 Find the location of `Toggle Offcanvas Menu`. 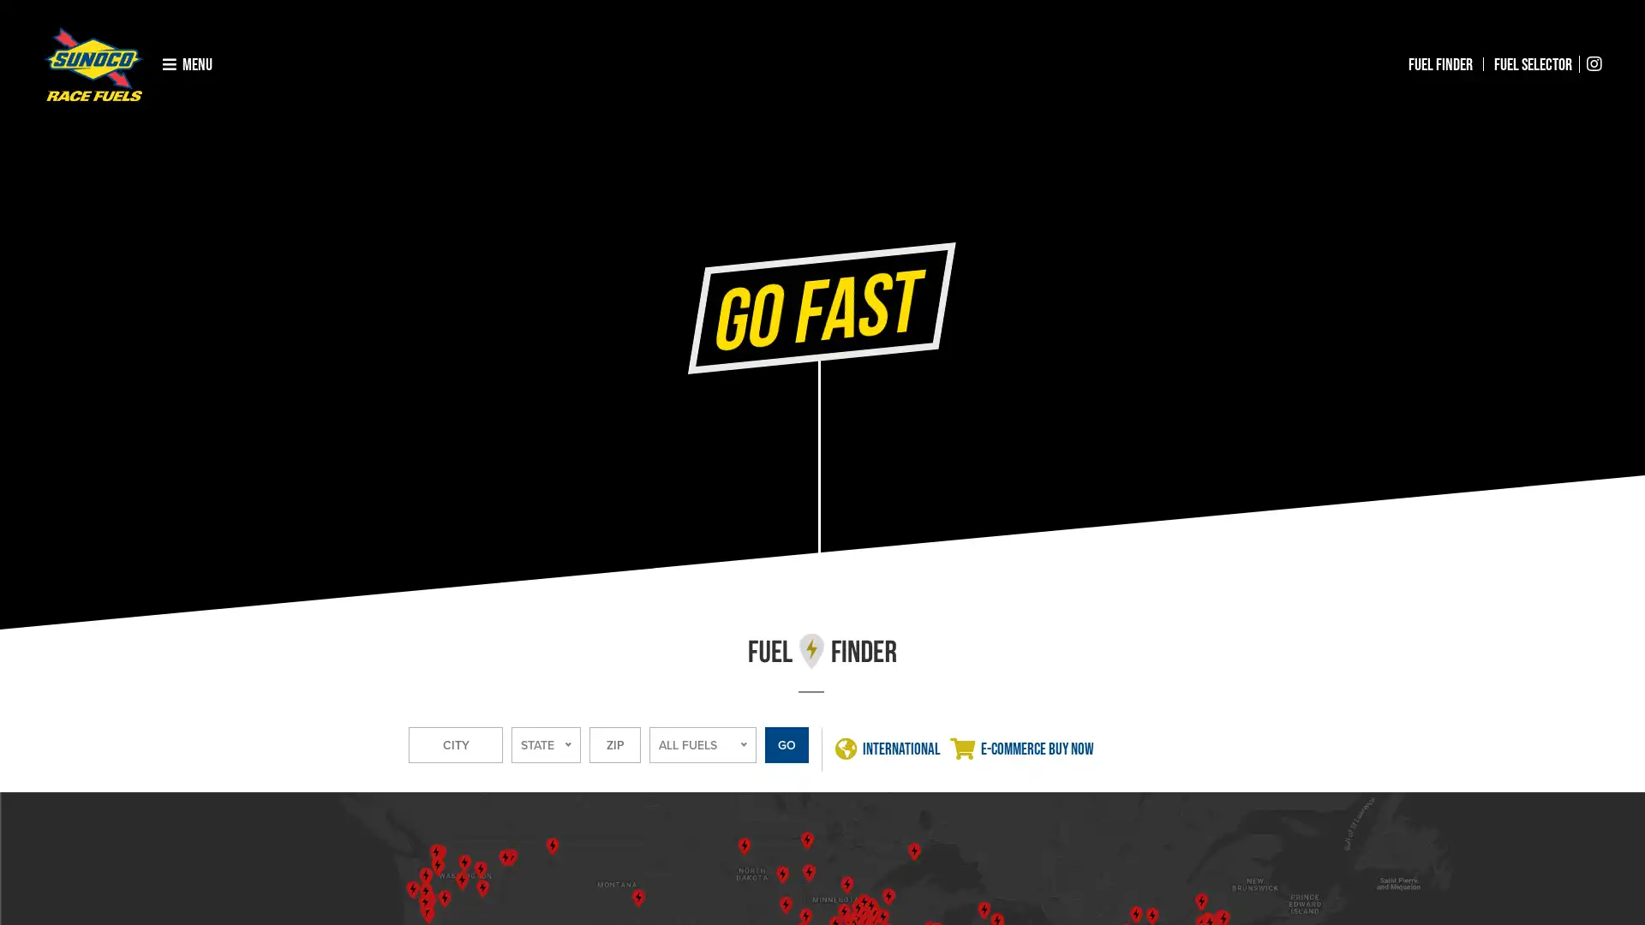

Toggle Offcanvas Menu is located at coordinates (188, 63).